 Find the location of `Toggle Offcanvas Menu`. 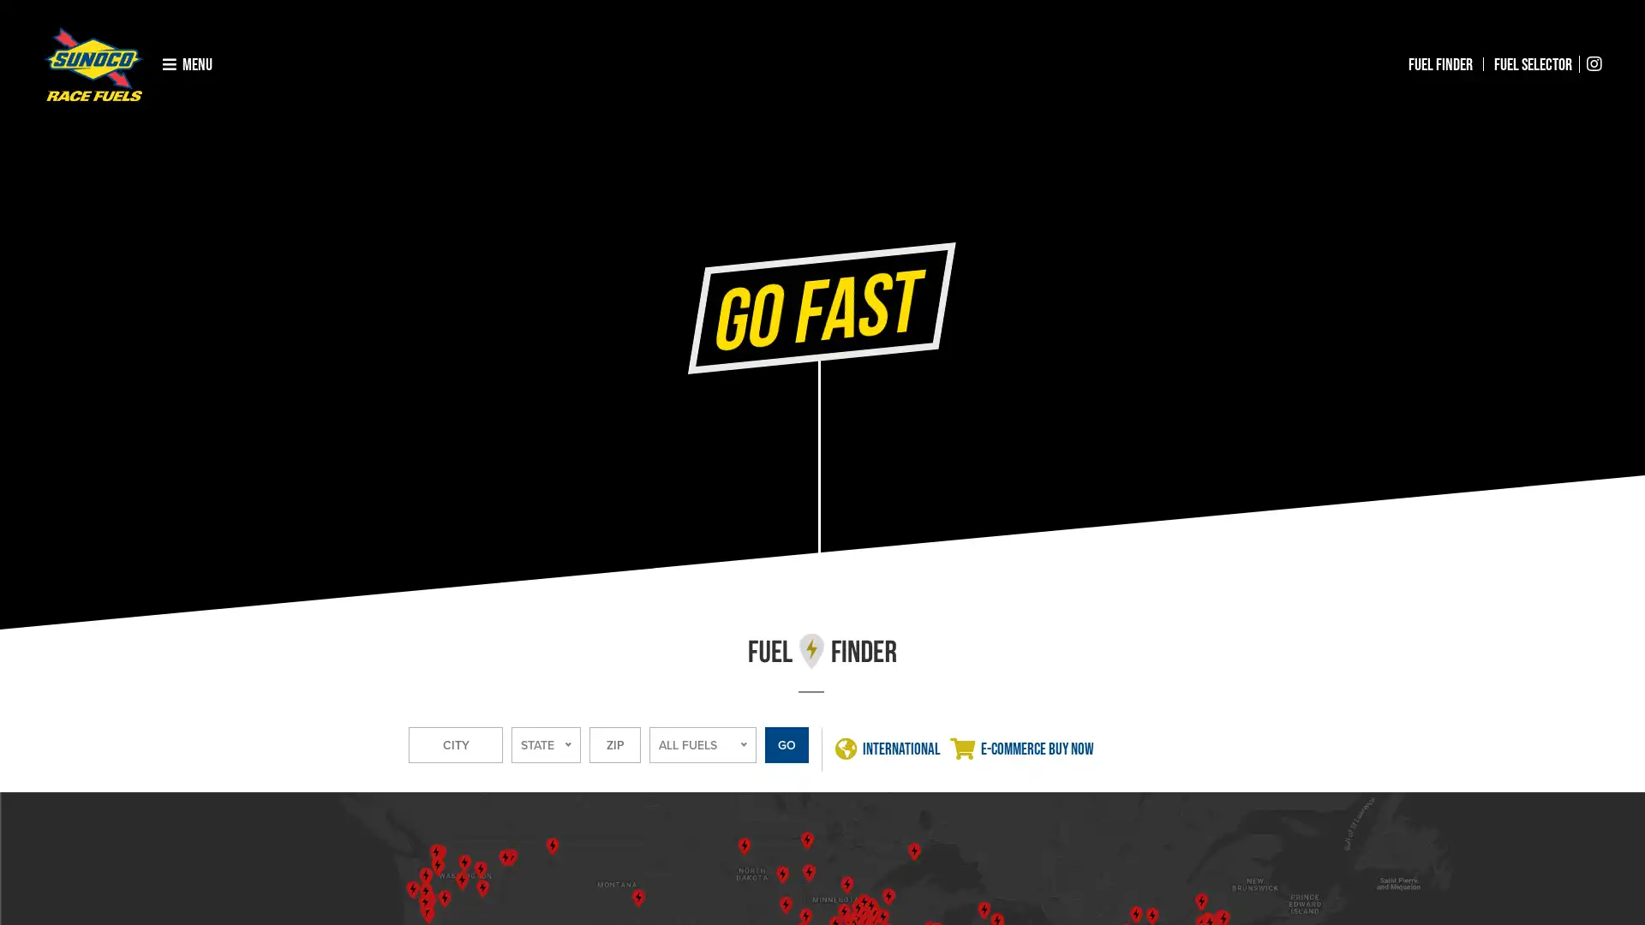

Toggle Offcanvas Menu is located at coordinates (188, 63).